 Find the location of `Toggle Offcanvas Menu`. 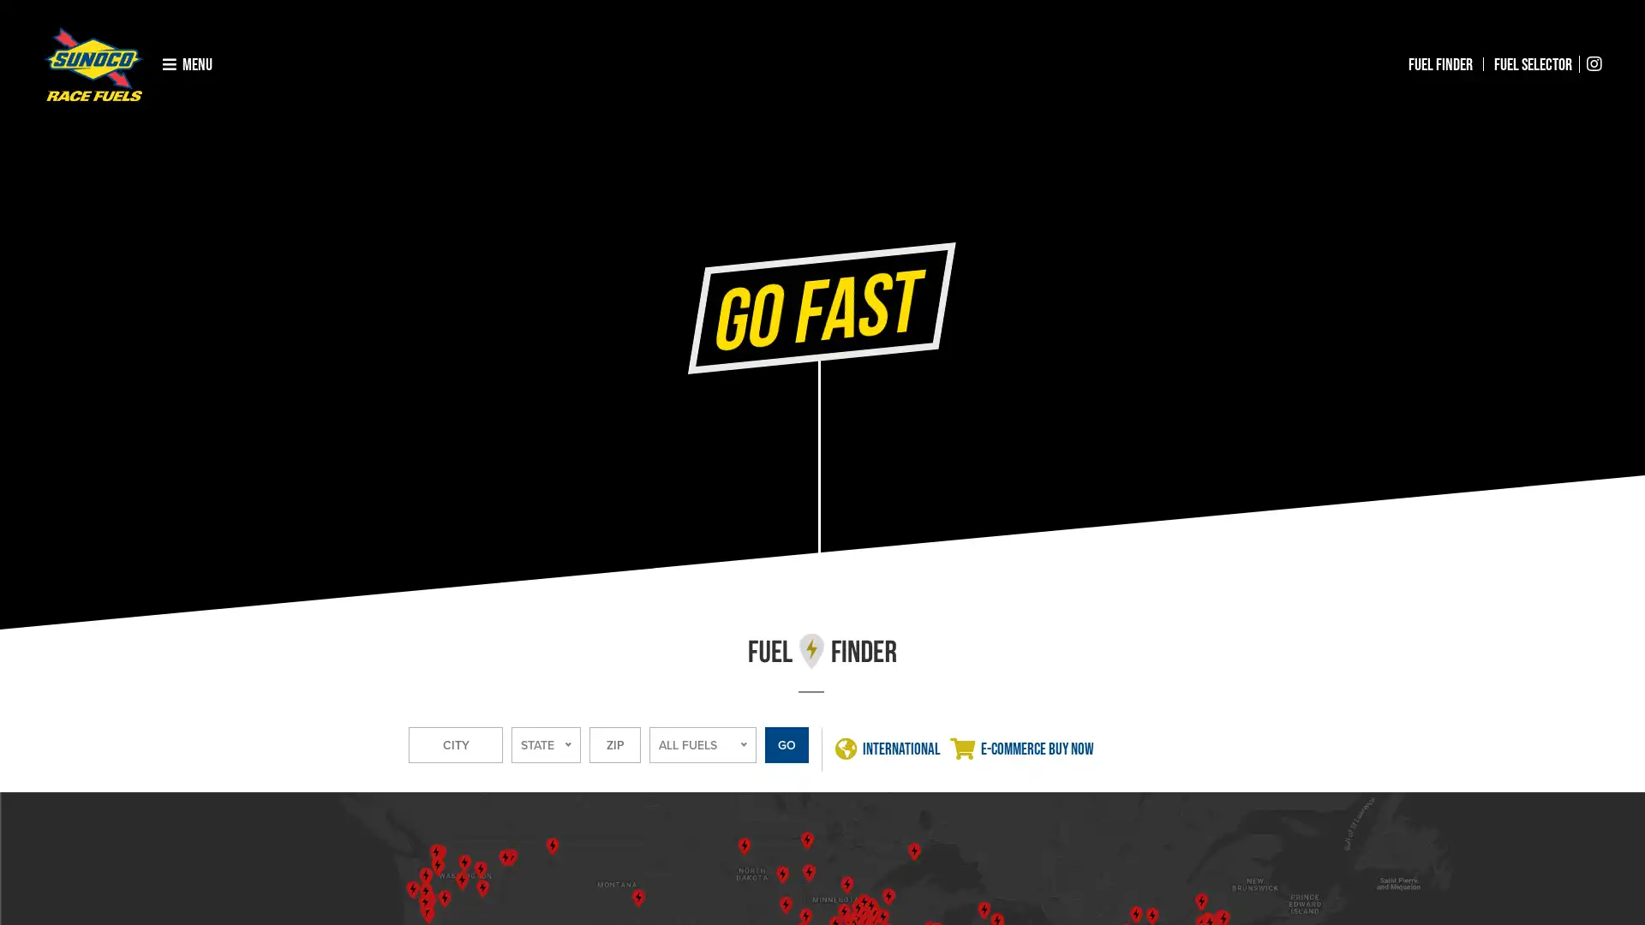

Toggle Offcanvas Menu is located at coordinates (188, 63).